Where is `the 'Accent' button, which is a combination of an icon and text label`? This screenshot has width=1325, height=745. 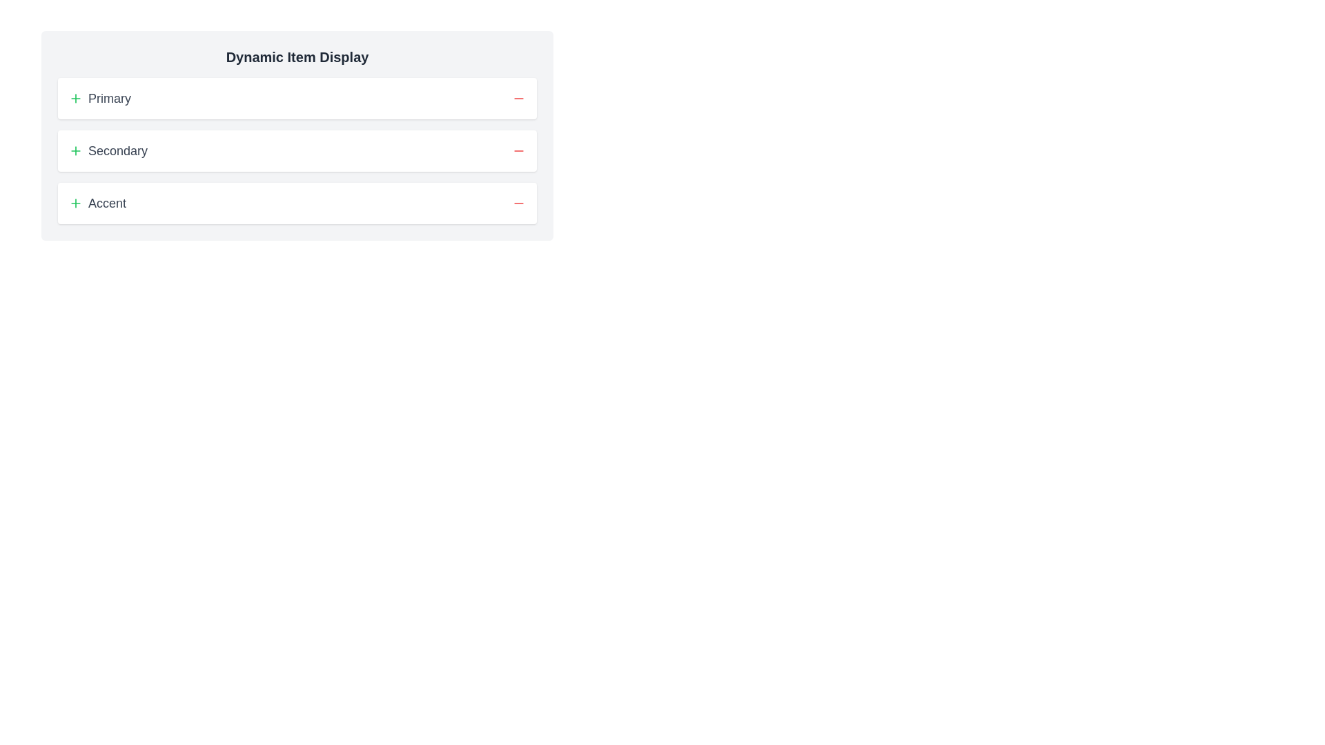
the 'Accent' button, which is a combination of an icon and text label is located at coordinates (97, 203).